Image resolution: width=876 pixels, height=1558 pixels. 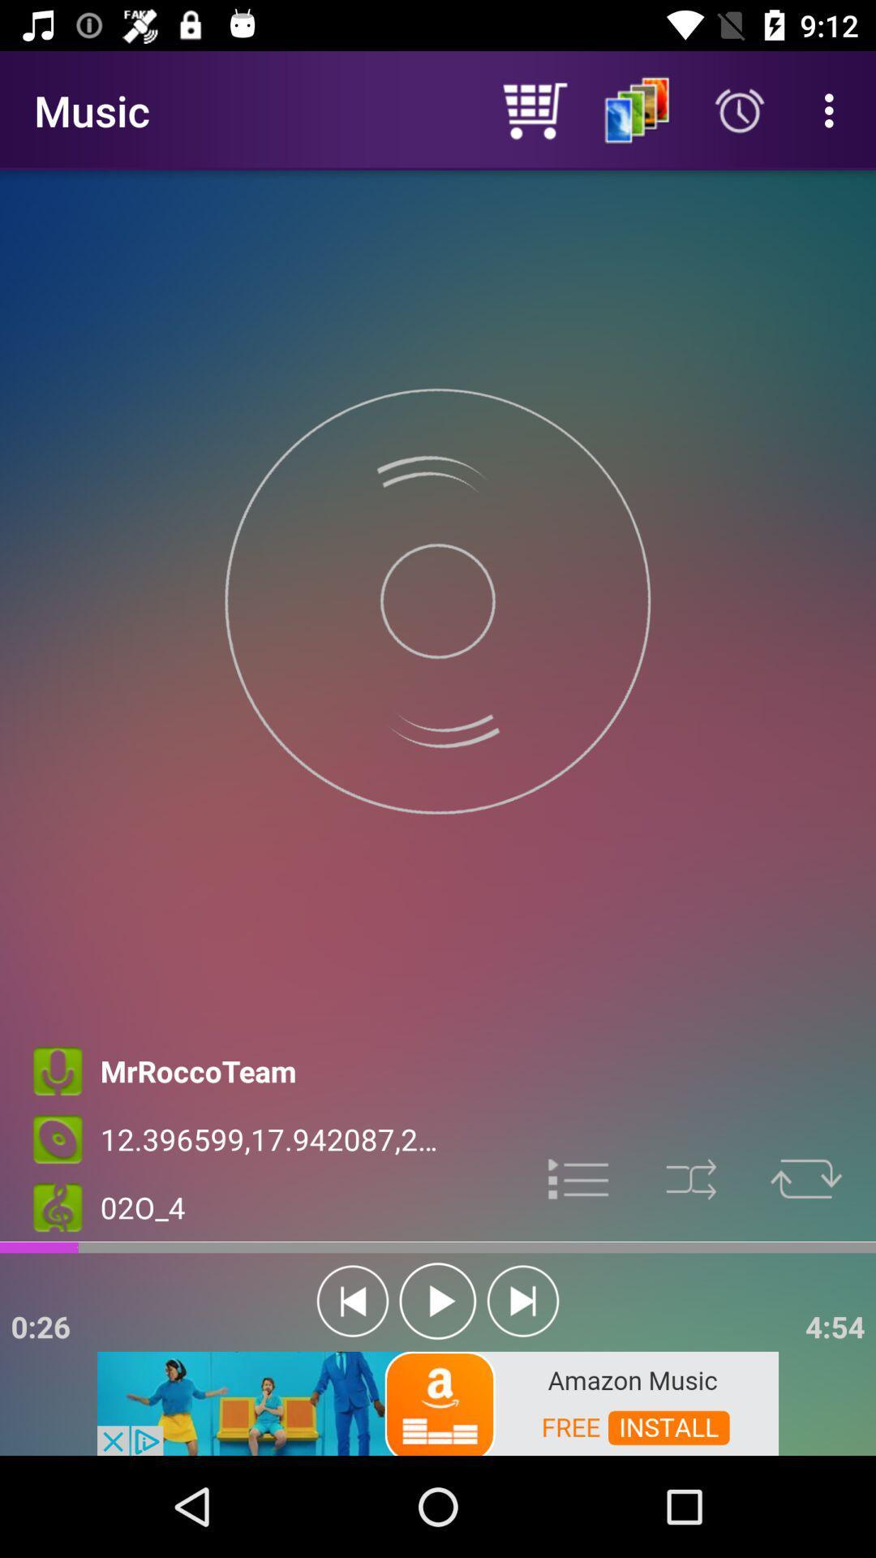 I want to click on play, so click(x=438, y=1301).